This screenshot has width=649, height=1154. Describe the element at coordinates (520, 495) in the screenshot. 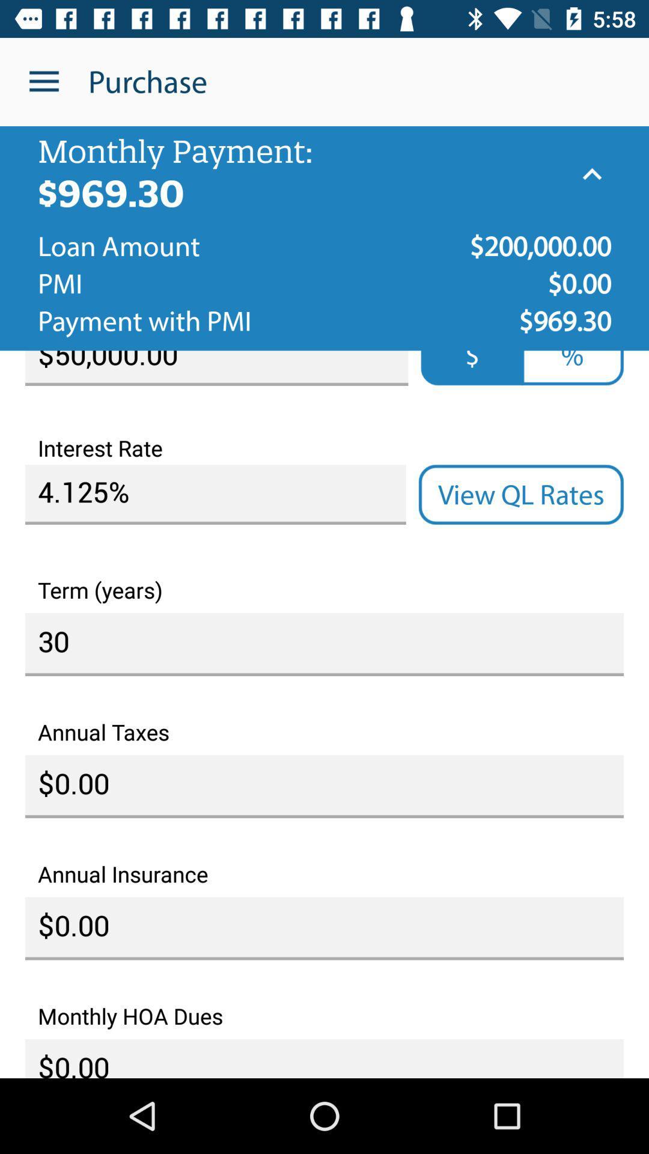

I see `the item to the right of 4.125% icon` at that location.